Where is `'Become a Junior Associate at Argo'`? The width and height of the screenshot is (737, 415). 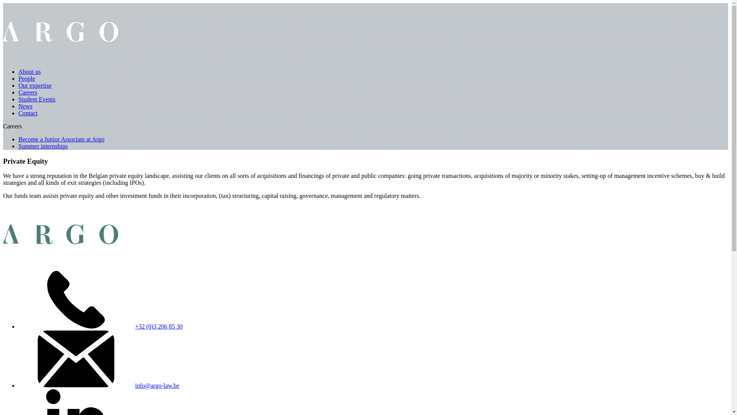 'Become a Junior Associate at Argo' is located at coordinates (61, 139).